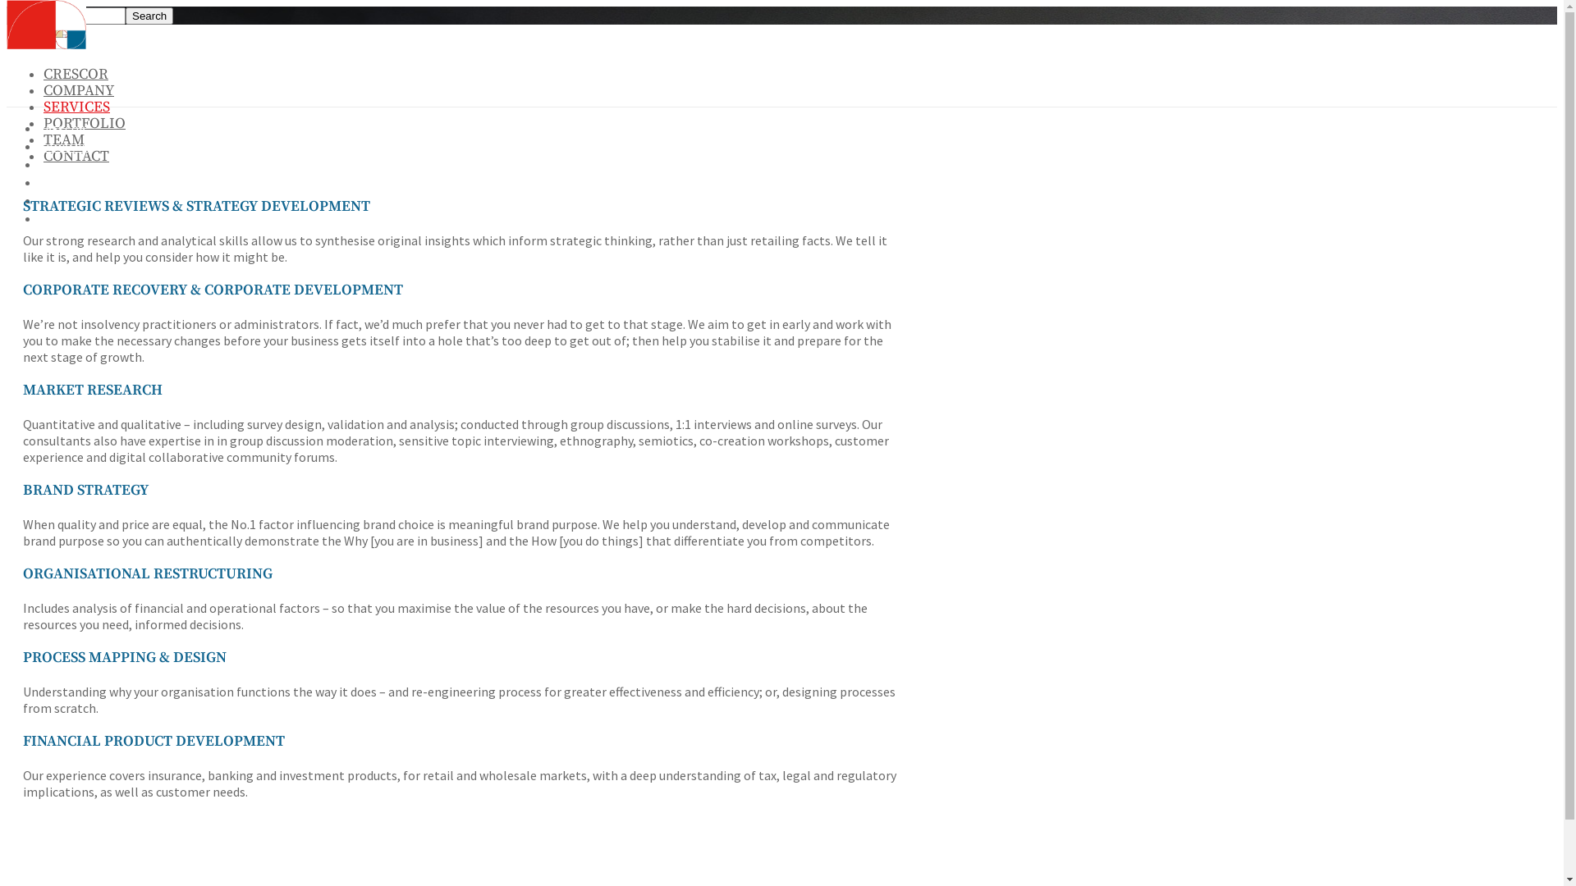 The height and width of the screenshot is (886, 1576). Describe the element at coordinates (63, 139) in the screenshot. I see `'TEAM'` at that location.